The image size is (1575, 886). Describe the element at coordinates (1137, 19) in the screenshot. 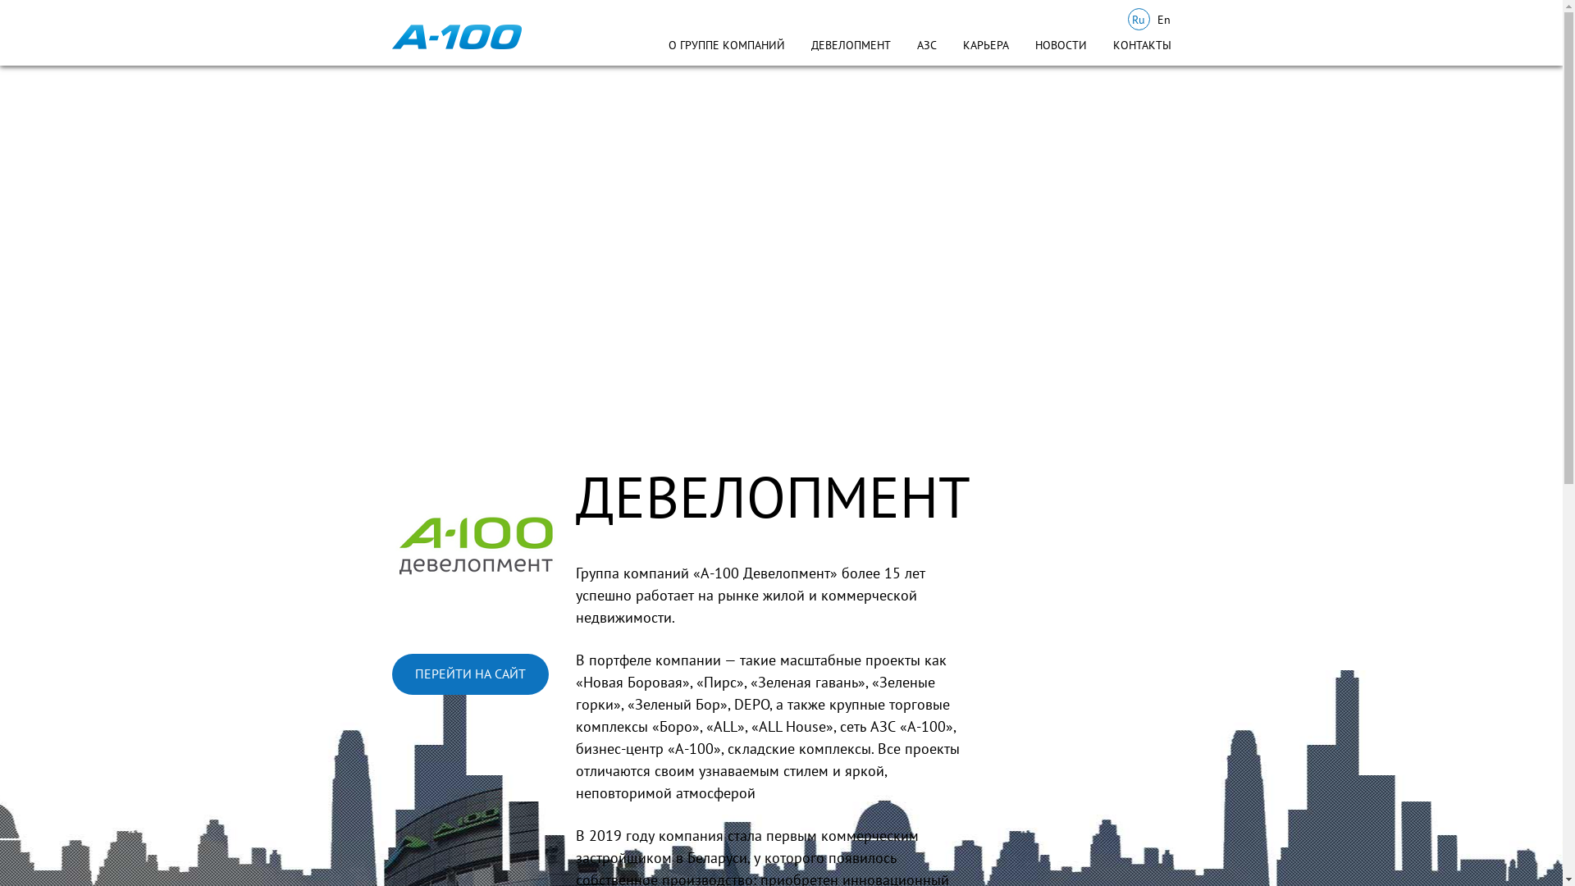

I see `'Ru'` at that location.